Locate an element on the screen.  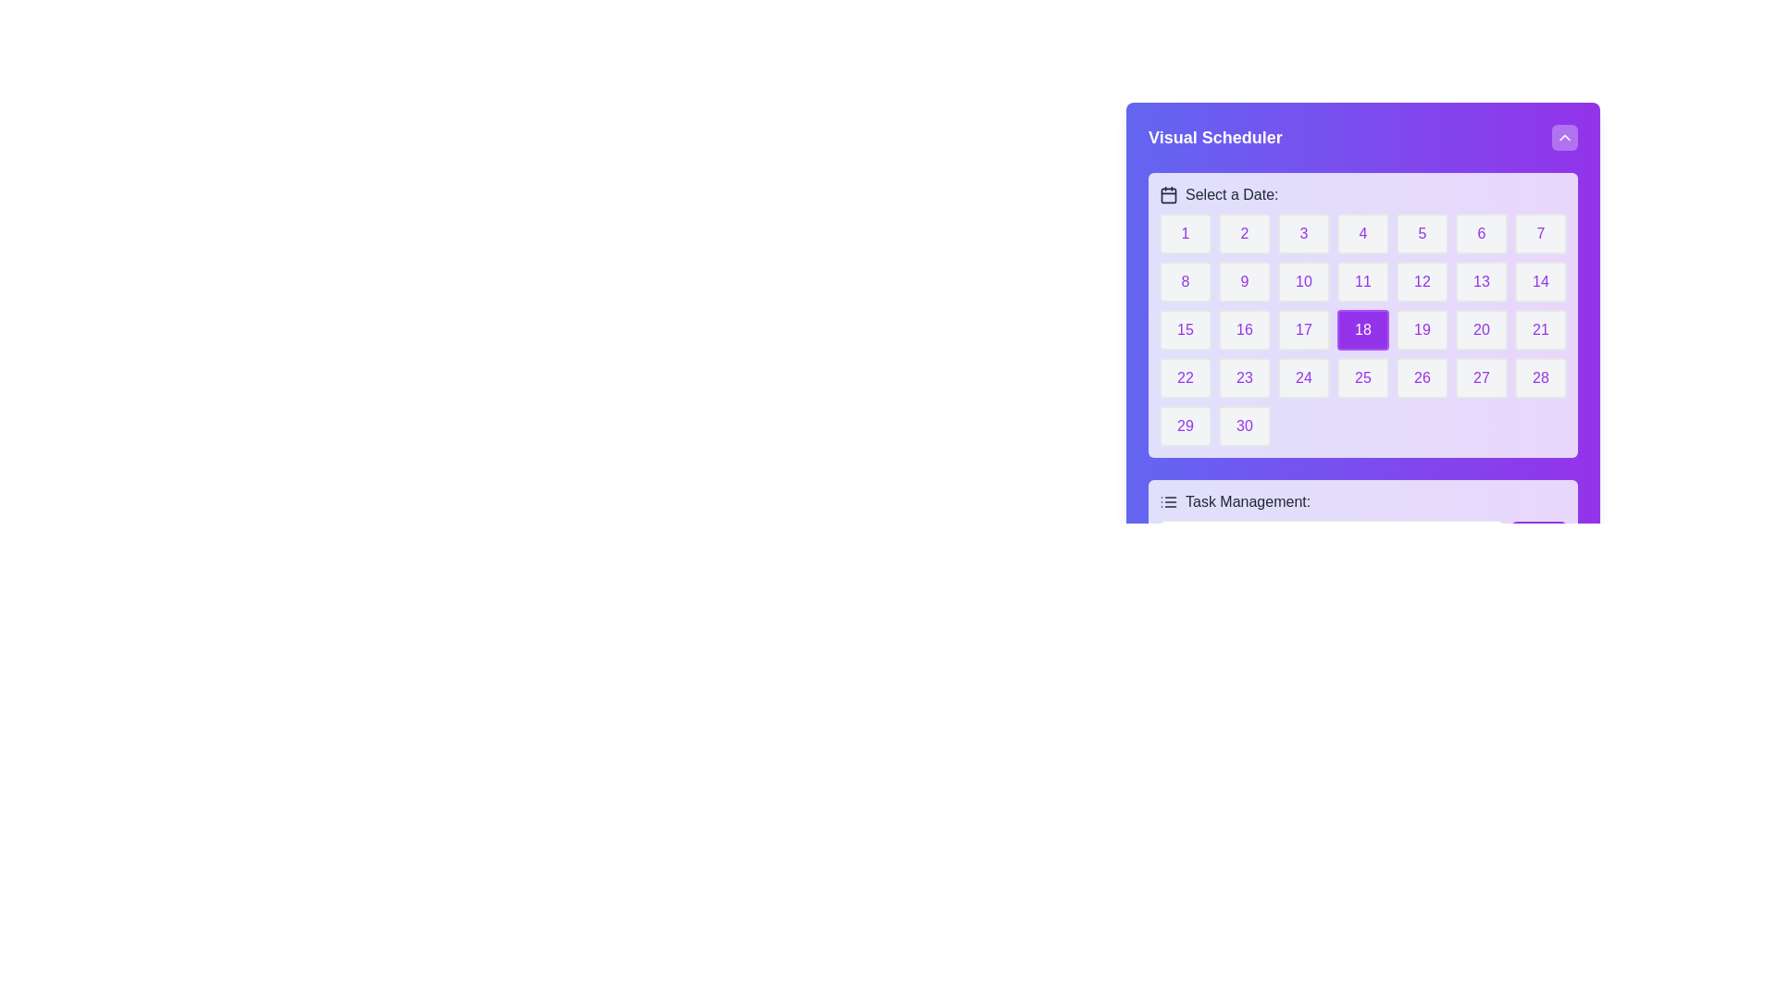
the square-shaped button with rounded corners, styled in light gray with a purple border, containing the number '2' in purple text is located at coordinates (1244, 233).